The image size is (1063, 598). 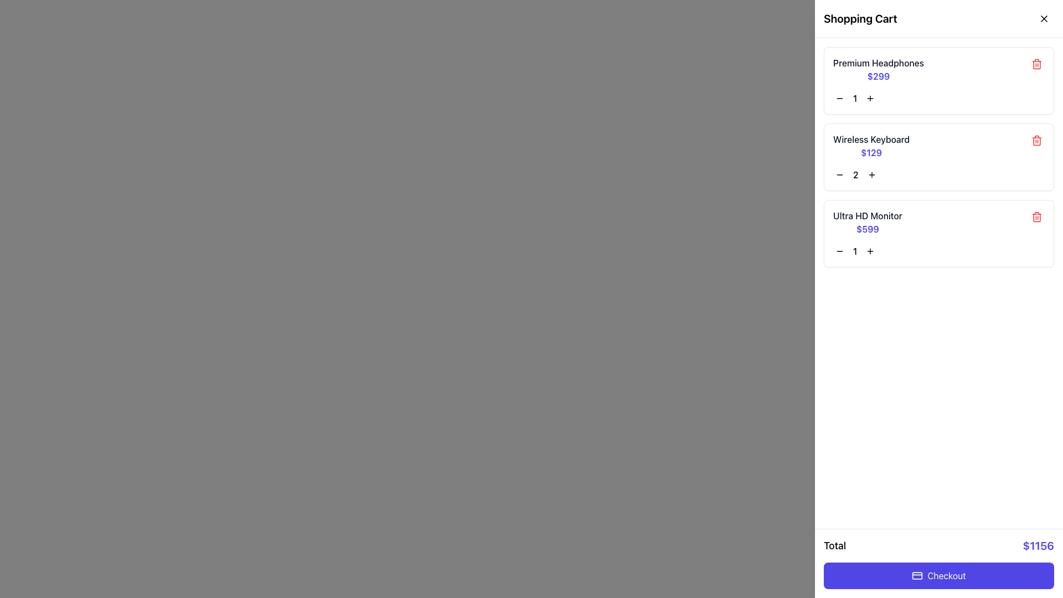 What do you see at coordinates (1036, 217) in the screenshot?
I see `the delete button icon for the 'Ultra HD Monitor' item in the shopping cart` at bounding box center [1036, 217].